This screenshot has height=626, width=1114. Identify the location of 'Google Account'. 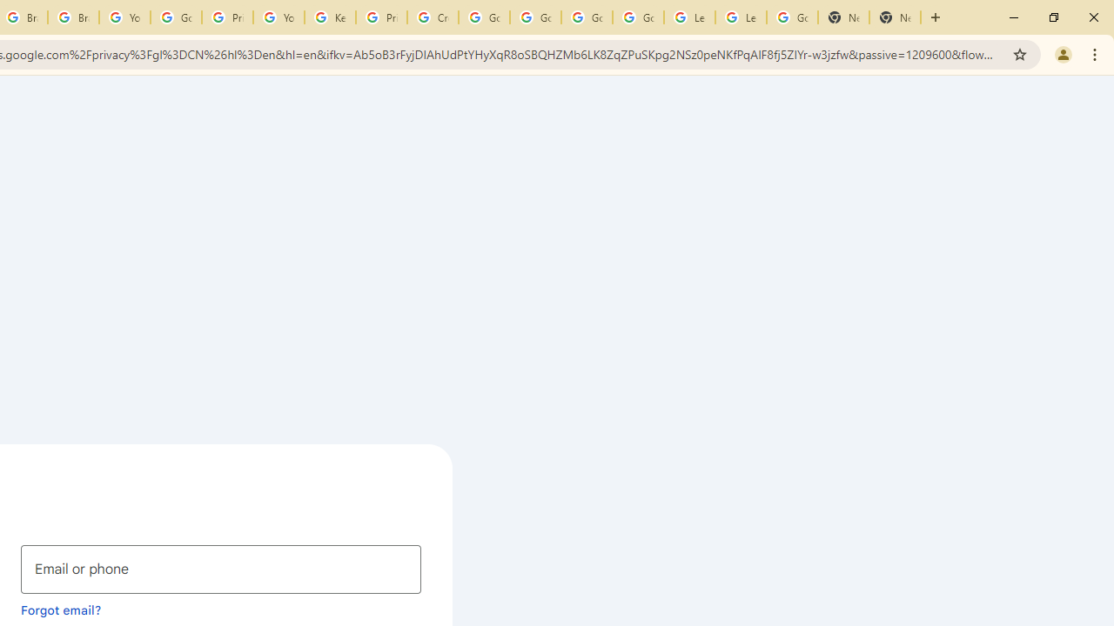
(791, 17).